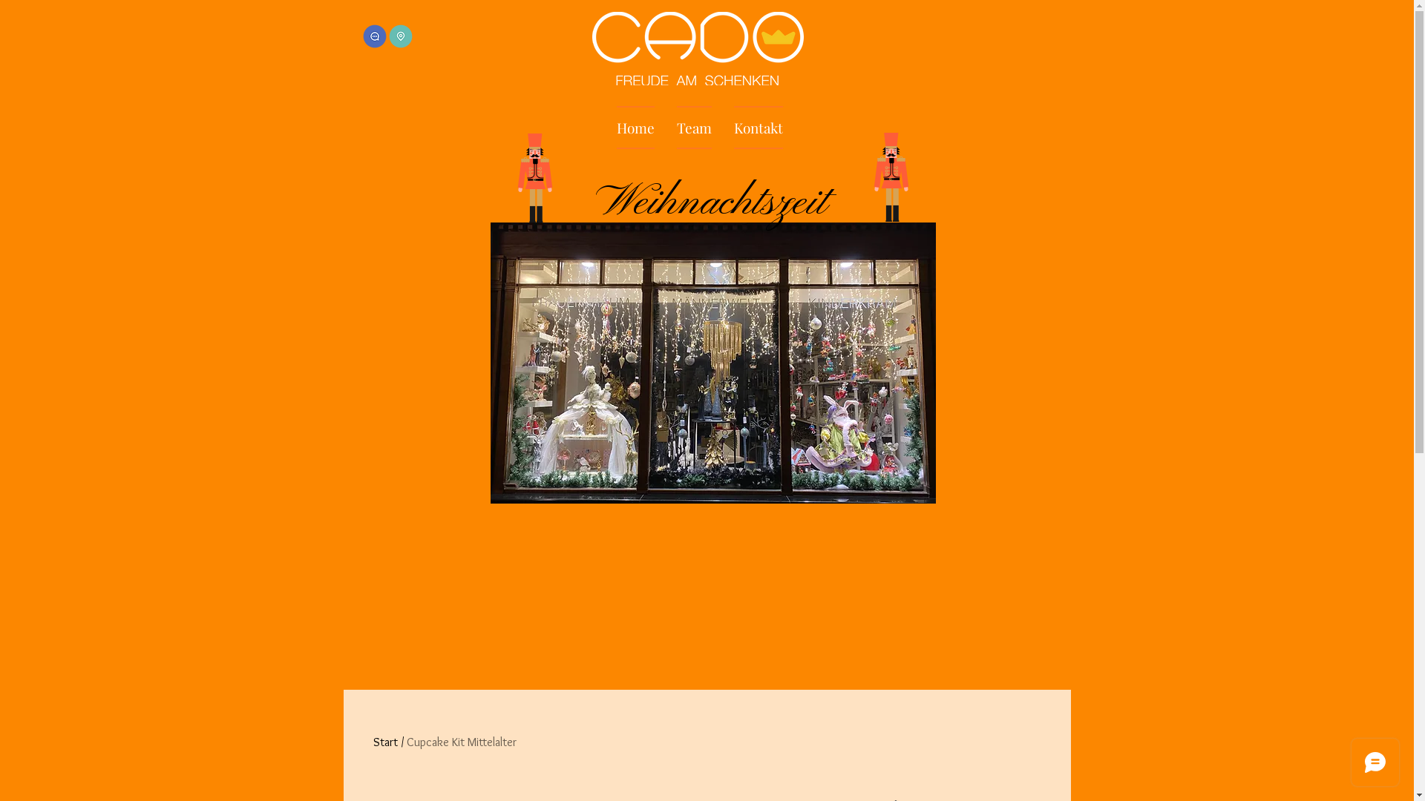 Image resolution: width=1425 pixels, height=801 pixels. What do you see at coordinates (759, 127) in the screenshot?
I see `'Kontakt'` at bounding box center [759, 127].